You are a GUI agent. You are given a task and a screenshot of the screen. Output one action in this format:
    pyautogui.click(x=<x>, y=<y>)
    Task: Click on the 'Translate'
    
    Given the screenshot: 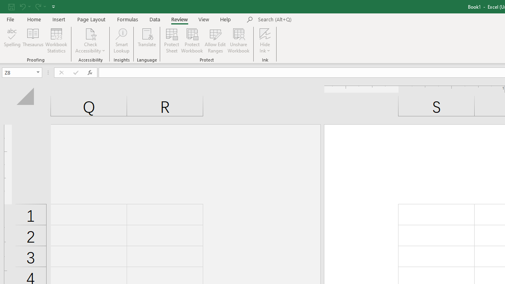 What is the action you would take?
    pyautogui.click(x=147, y=41)
    